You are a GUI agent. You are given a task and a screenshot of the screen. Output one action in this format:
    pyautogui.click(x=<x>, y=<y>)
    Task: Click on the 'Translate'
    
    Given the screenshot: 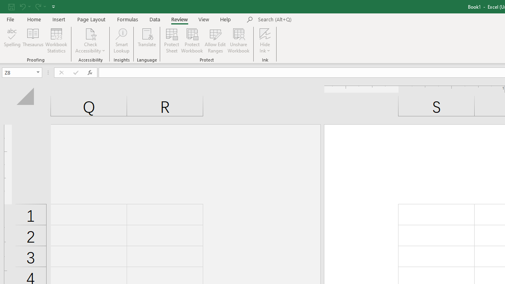 What is the action you would take?
    pyautogui.click(x=147, y=41)
    